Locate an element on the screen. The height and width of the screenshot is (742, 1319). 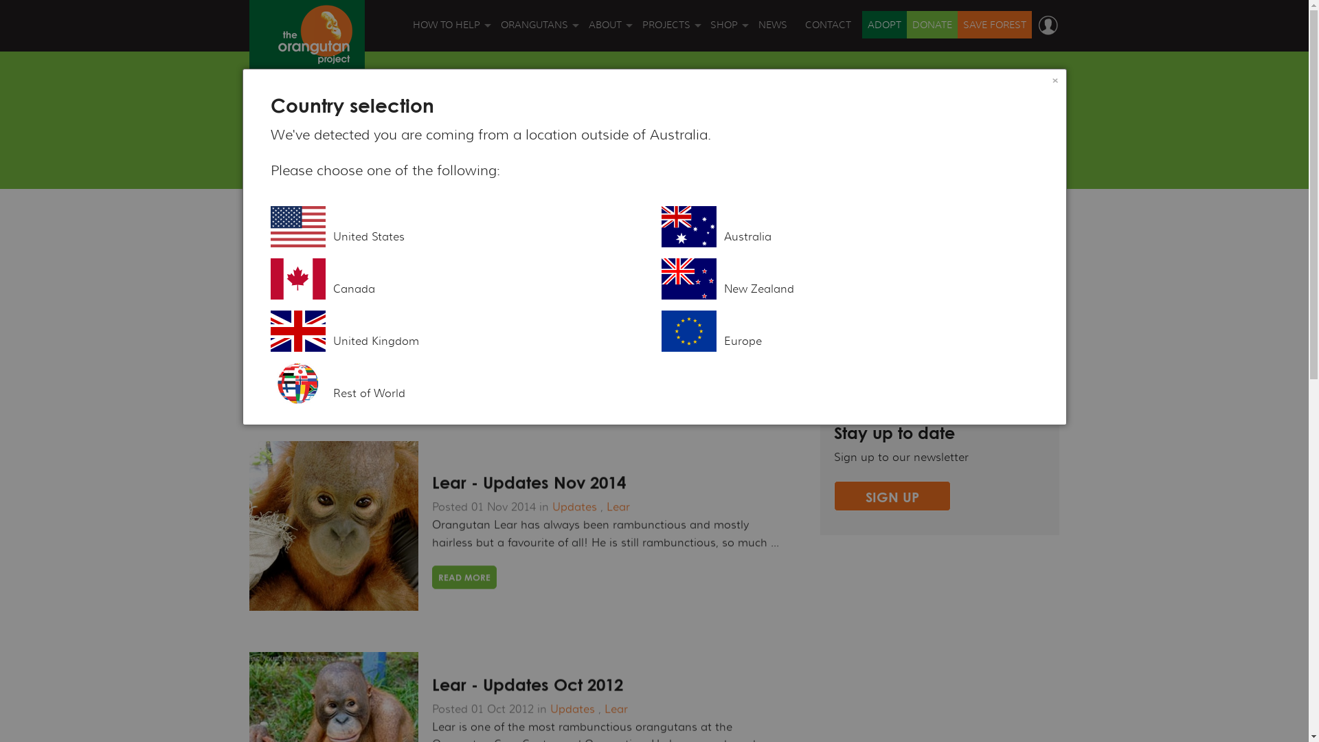
'SAVE FOREST' is located at coordinates (995, 24).